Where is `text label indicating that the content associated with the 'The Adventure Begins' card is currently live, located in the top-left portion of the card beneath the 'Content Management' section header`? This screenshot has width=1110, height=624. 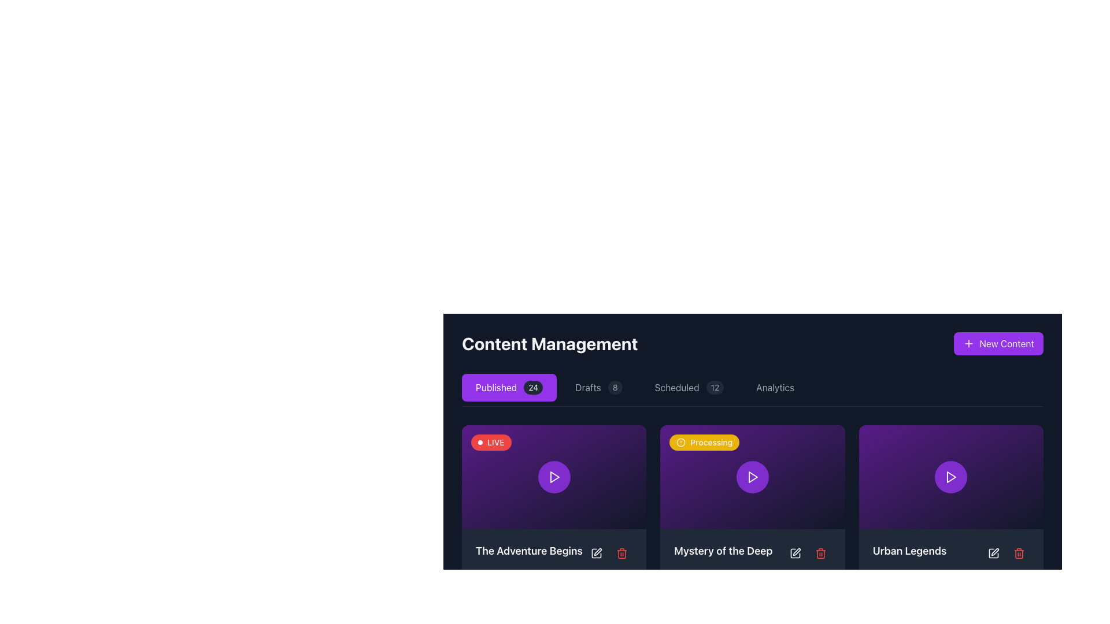 text label indicating that the content associated with the 'The Adventure Begins' card is currently live, located in the top-left portion of the card beneath the 'Content Management' section header is located at coordinates (495, 442).